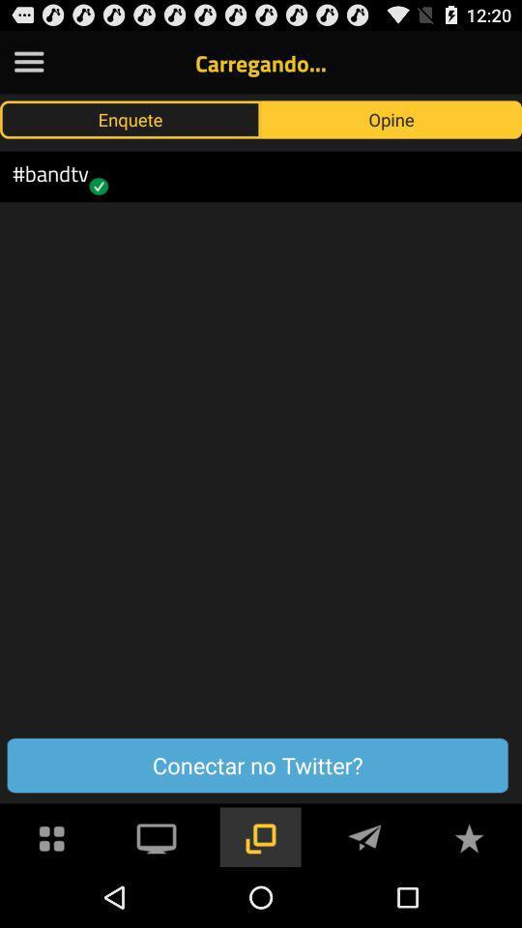  Describe the element at coordinates (28, 62) in the screenshot. I see `icon next to the carregando... icon` at that location.